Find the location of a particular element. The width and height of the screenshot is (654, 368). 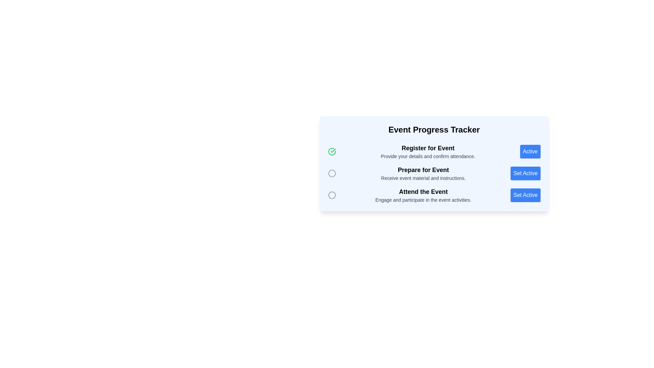

the text label that serves as the title for the associated step within the event tracker process, positioned between 'Register for Event' and 'Attend the Event' is located at coordinates (423, 169).